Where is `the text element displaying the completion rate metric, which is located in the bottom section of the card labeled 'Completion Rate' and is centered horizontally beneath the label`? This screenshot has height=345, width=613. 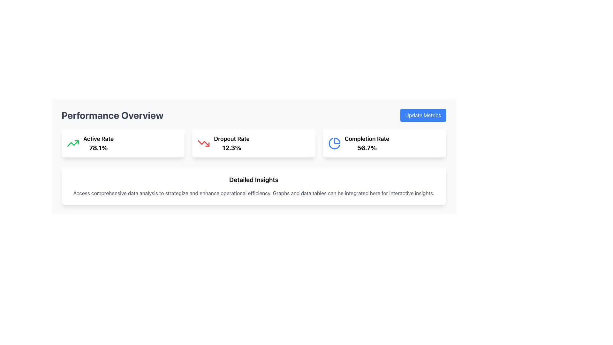 the text element displaying the completion rate metric, which is located in the bottom section of the card labeled 'Completion Rate' and is centered horizontally beneath the label is located at coordinates (367, 148).